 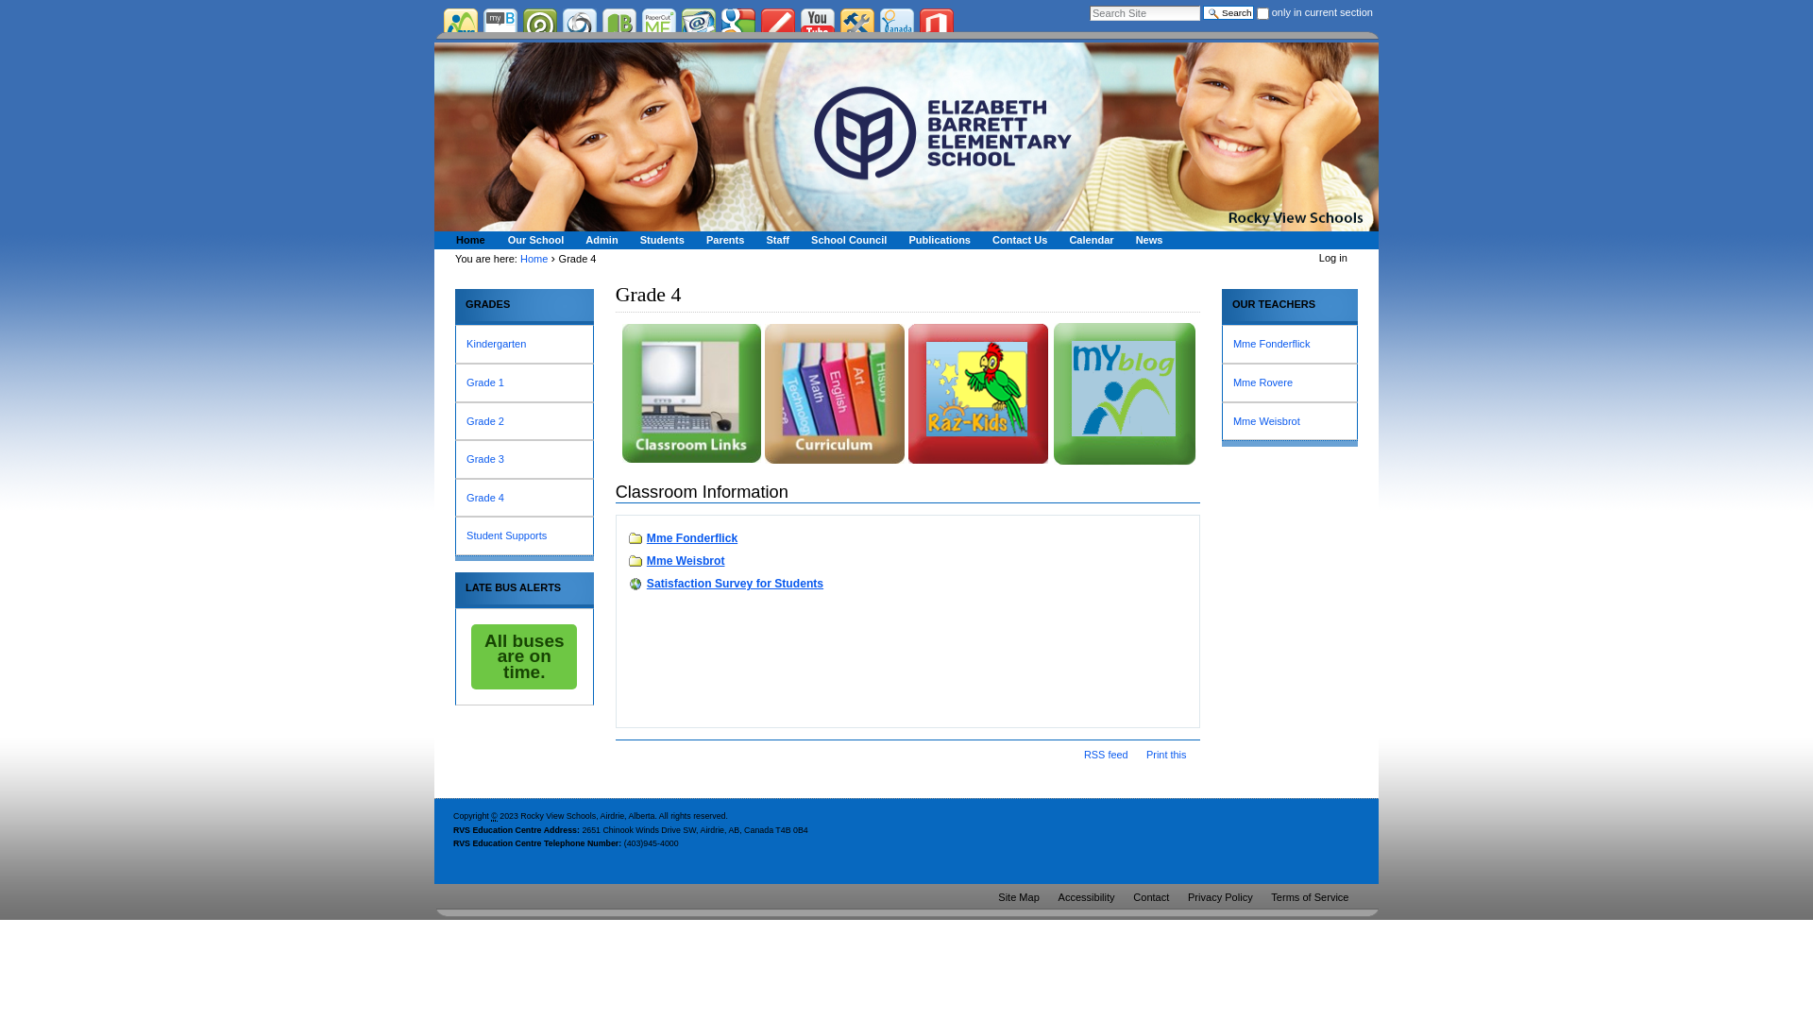 What do you see at coordinates (1124, 392) in the screenshot?
I see `'MyBlog'` at bounding box center [1124, 392].